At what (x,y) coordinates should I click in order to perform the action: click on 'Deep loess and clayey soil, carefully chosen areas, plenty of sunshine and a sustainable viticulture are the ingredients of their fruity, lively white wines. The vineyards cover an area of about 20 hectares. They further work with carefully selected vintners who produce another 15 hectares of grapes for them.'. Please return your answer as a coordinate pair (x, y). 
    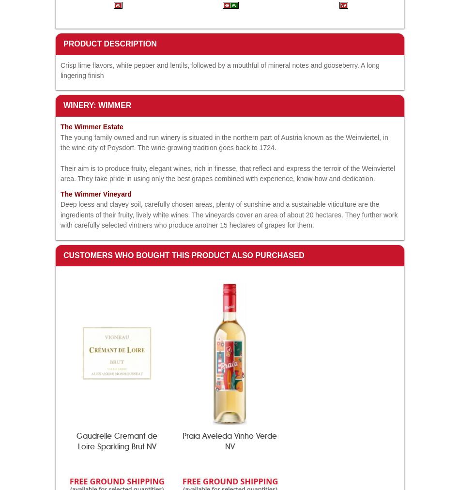
    Looking at the image, I should click on (229, 214).